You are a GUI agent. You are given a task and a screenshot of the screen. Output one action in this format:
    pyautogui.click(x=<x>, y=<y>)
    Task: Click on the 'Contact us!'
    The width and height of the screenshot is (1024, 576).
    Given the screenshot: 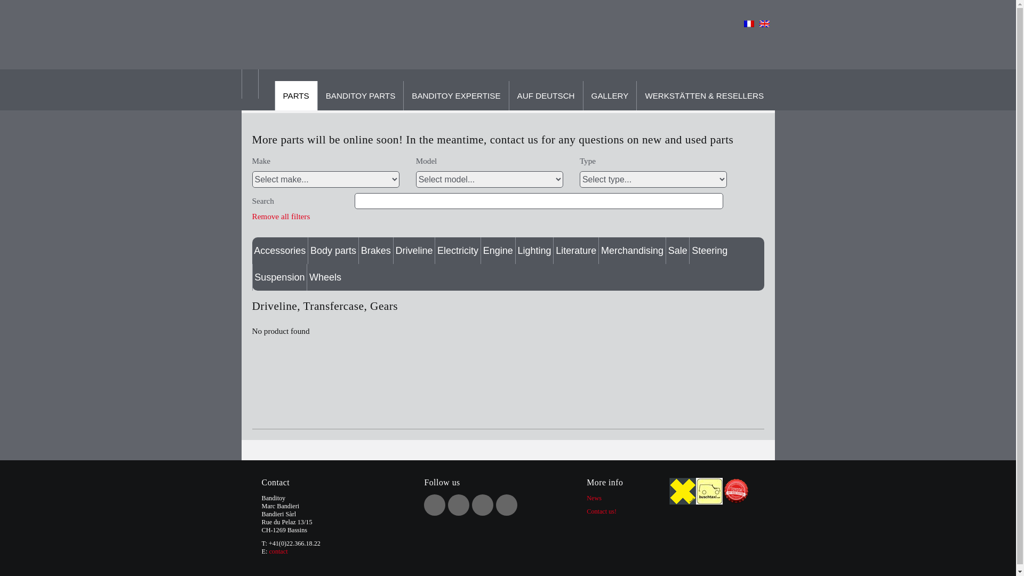 What is the action you would take?
    pyautogui.click(x=602, y=511)
    